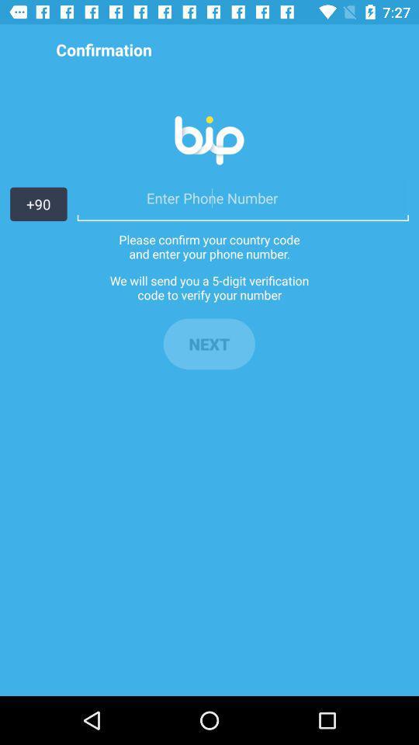 This screenshot has height=745, width=419. I want to click on the item next to +90, so click(243, 197).